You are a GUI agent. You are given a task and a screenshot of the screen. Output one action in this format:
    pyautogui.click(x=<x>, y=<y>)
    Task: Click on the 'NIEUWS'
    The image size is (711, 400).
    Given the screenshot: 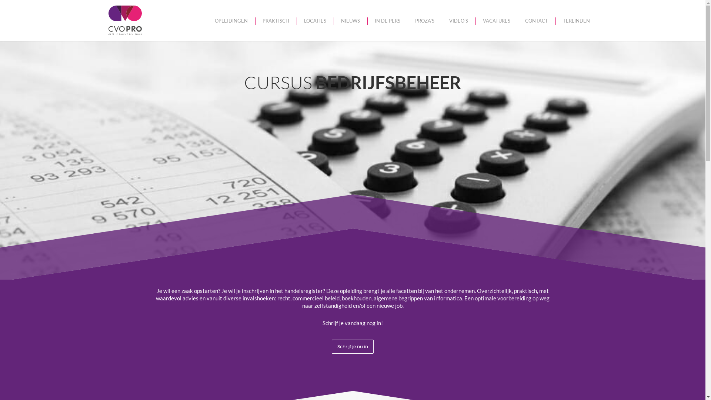 What is the action you would take?
    pyautogui.click(x=333, y=20)
    